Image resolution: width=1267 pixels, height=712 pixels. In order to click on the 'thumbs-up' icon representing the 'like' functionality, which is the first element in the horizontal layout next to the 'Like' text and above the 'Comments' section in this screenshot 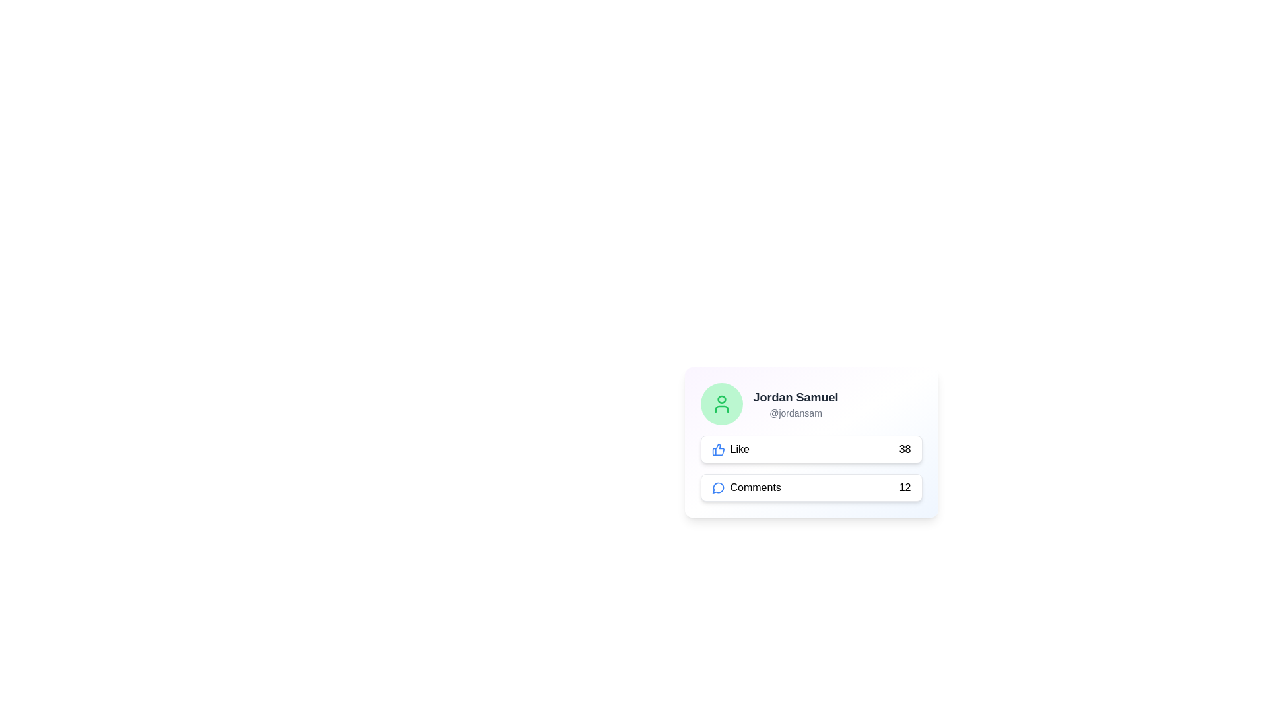, I will do `click(717, 449)`.